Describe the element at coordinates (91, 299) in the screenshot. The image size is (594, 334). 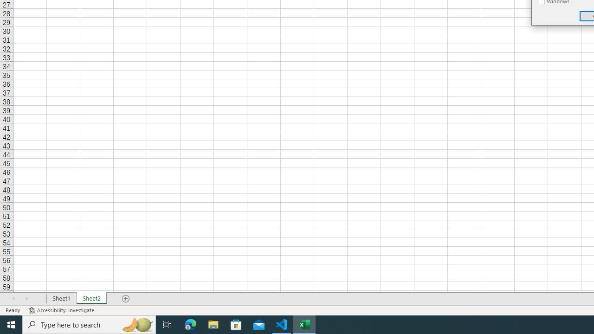
I see `'Sheet2'` at that location.